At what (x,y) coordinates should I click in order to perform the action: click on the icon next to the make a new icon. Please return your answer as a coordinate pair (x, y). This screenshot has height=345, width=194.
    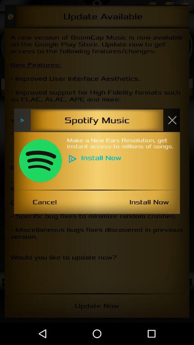
    Looking at the image, I should click on (40, 161).